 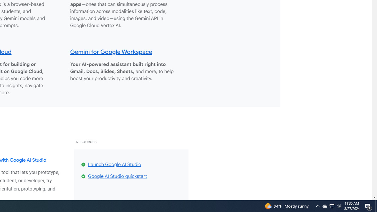 What do you see at coordinates (118, 176) in the screenshot?
I see `'Google AI Studio quickstart'` at bounding box center [118, 176].